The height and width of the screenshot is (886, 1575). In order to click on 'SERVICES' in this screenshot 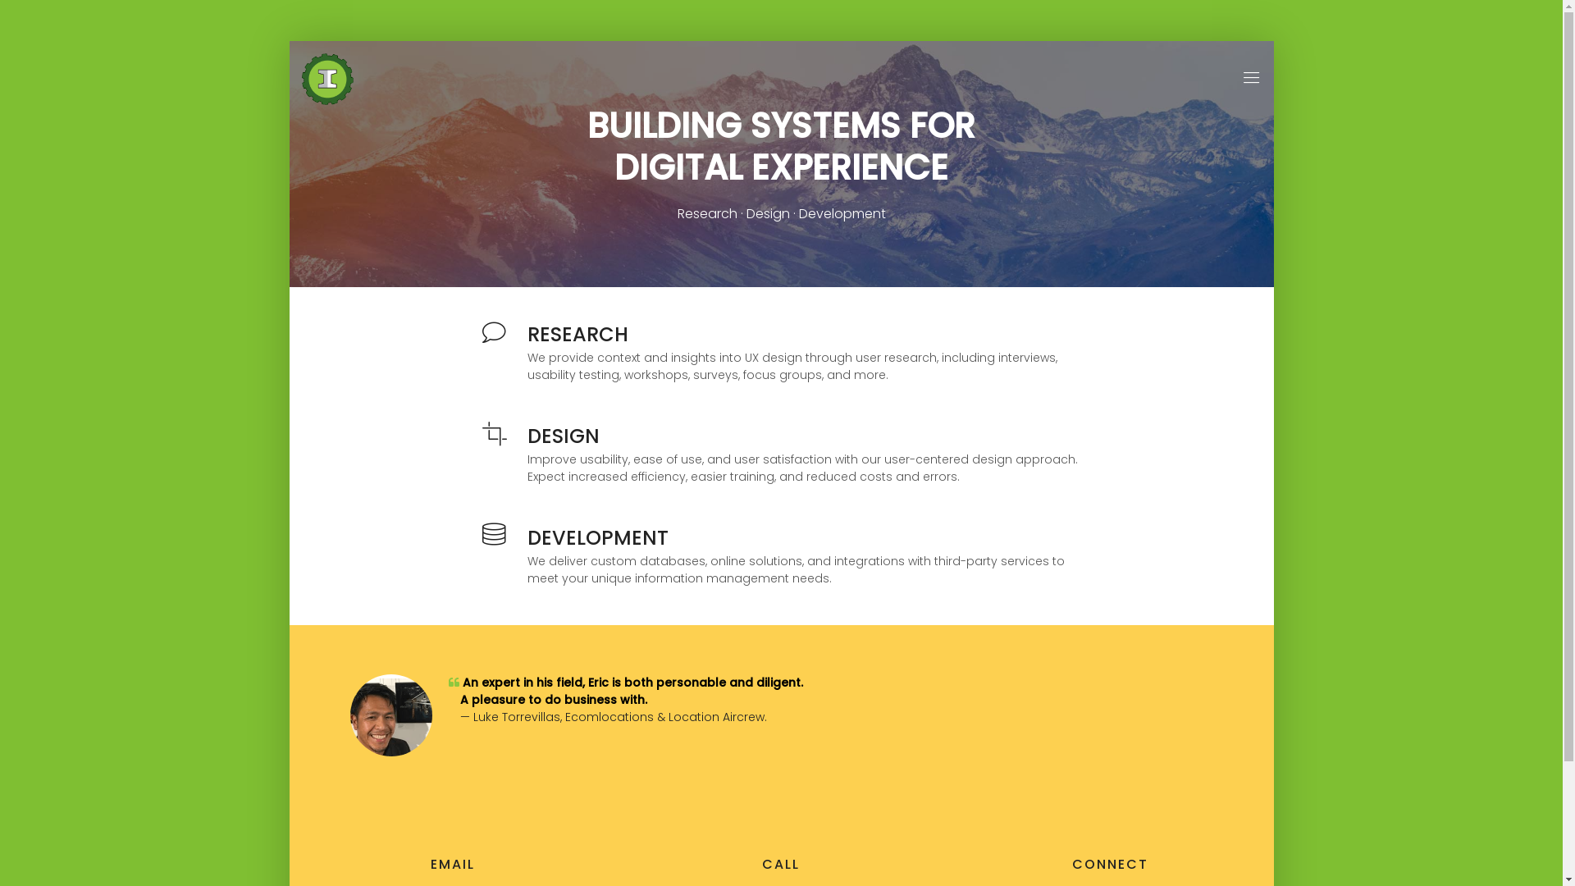, I will do `click(1206, 88)`.